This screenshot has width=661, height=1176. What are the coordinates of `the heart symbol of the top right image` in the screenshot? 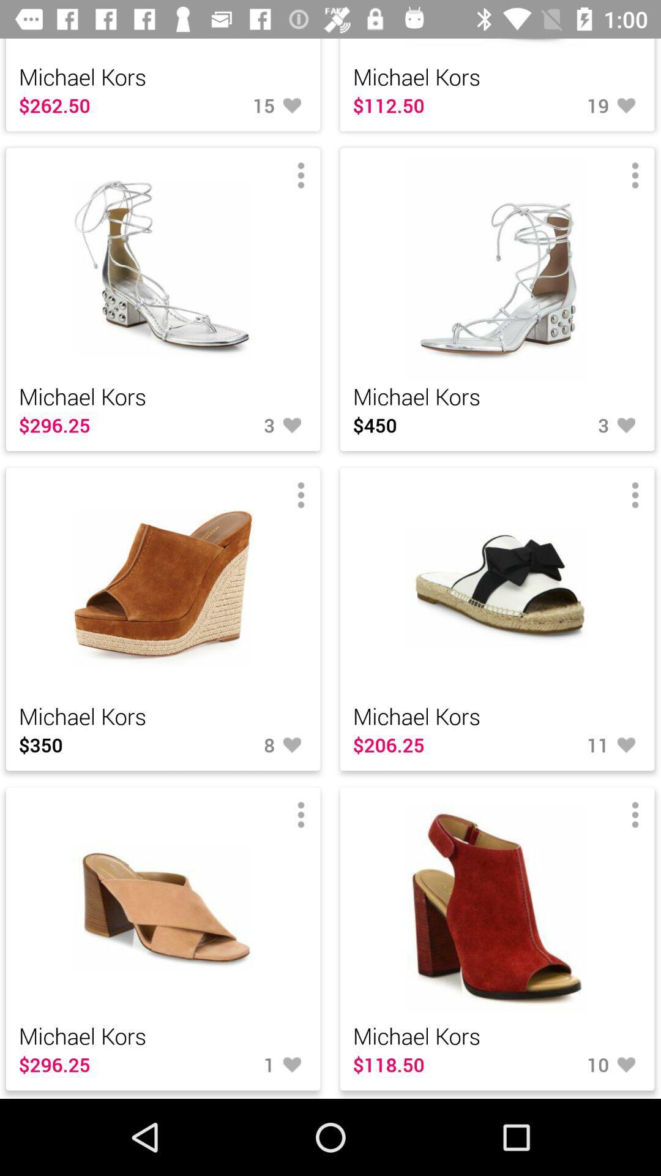 It's located at (569, 425).